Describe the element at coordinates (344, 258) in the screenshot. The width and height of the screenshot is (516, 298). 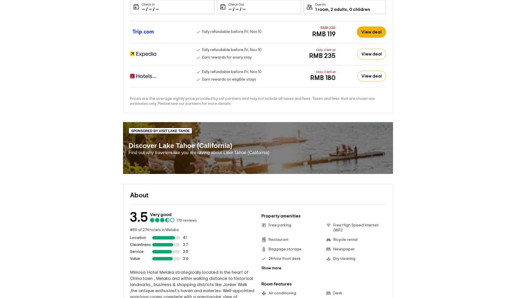
I see `'Dry cleaning'` at that location.